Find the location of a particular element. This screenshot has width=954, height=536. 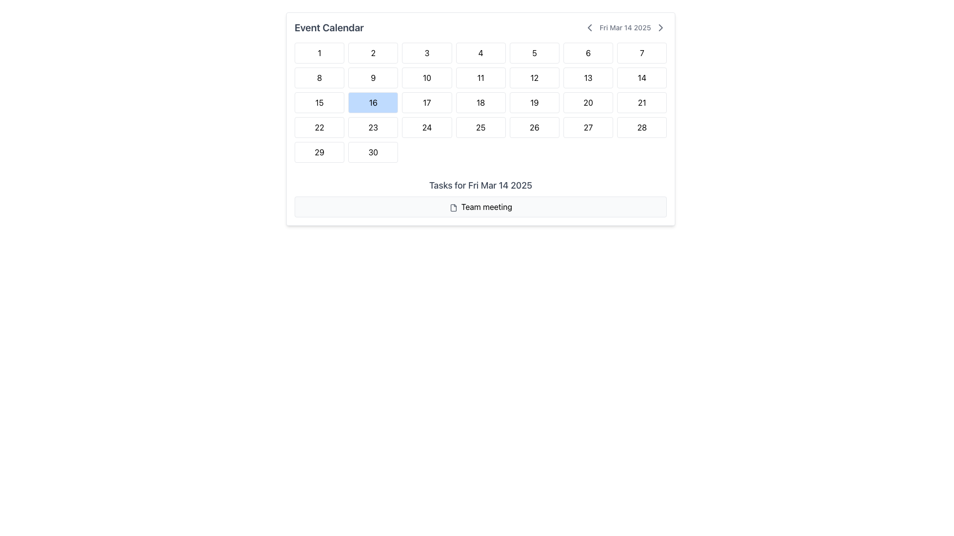

the Day cell displaying the number '5' in the calendar grid is located at coordinates (534, 53).